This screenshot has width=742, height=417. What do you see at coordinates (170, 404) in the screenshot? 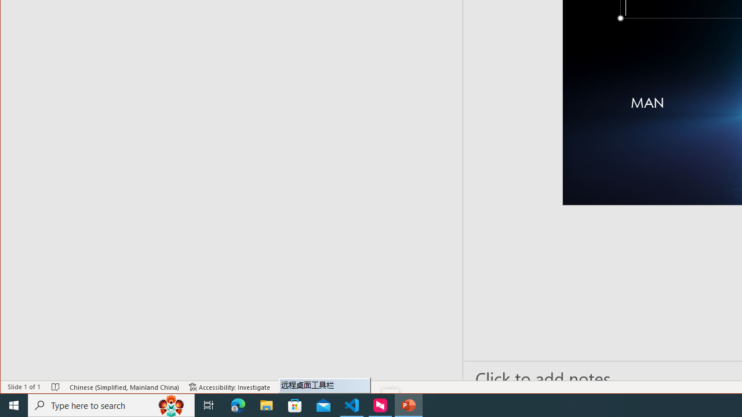
I see `'Search highlights icon opens search home window'` at bounding box center [170, 404].